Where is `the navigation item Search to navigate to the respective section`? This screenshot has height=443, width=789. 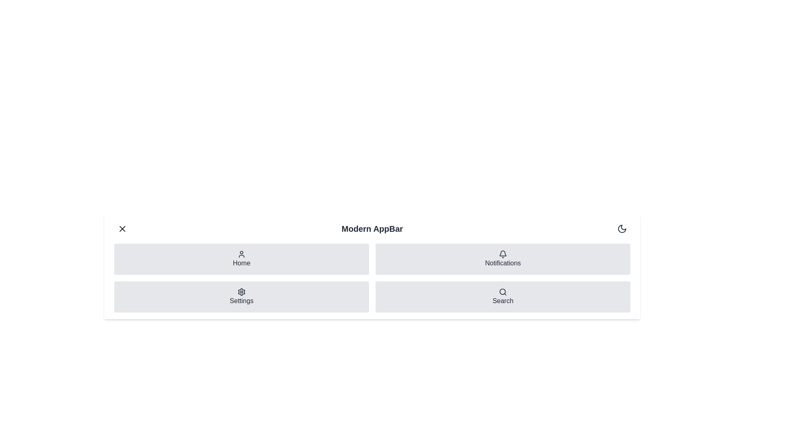 the navigation item Search to navigate to the respective section is located at coordinates (503, 297).